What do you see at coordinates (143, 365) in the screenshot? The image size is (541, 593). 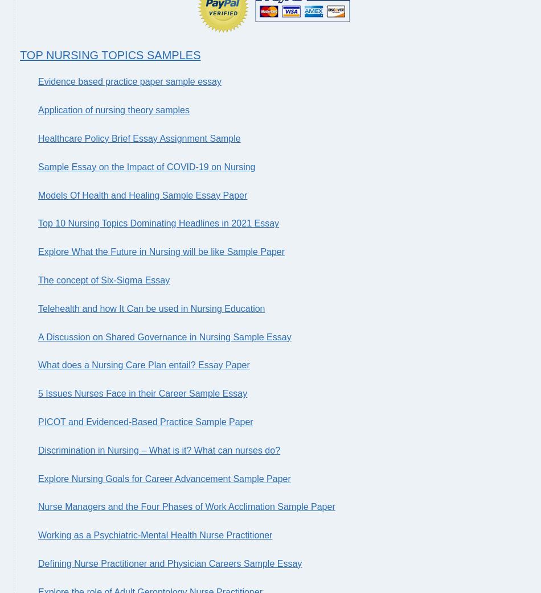 I see `'What does a Nursing Care Plan entail? Essay Paper'` at bounding box center [143, 365].